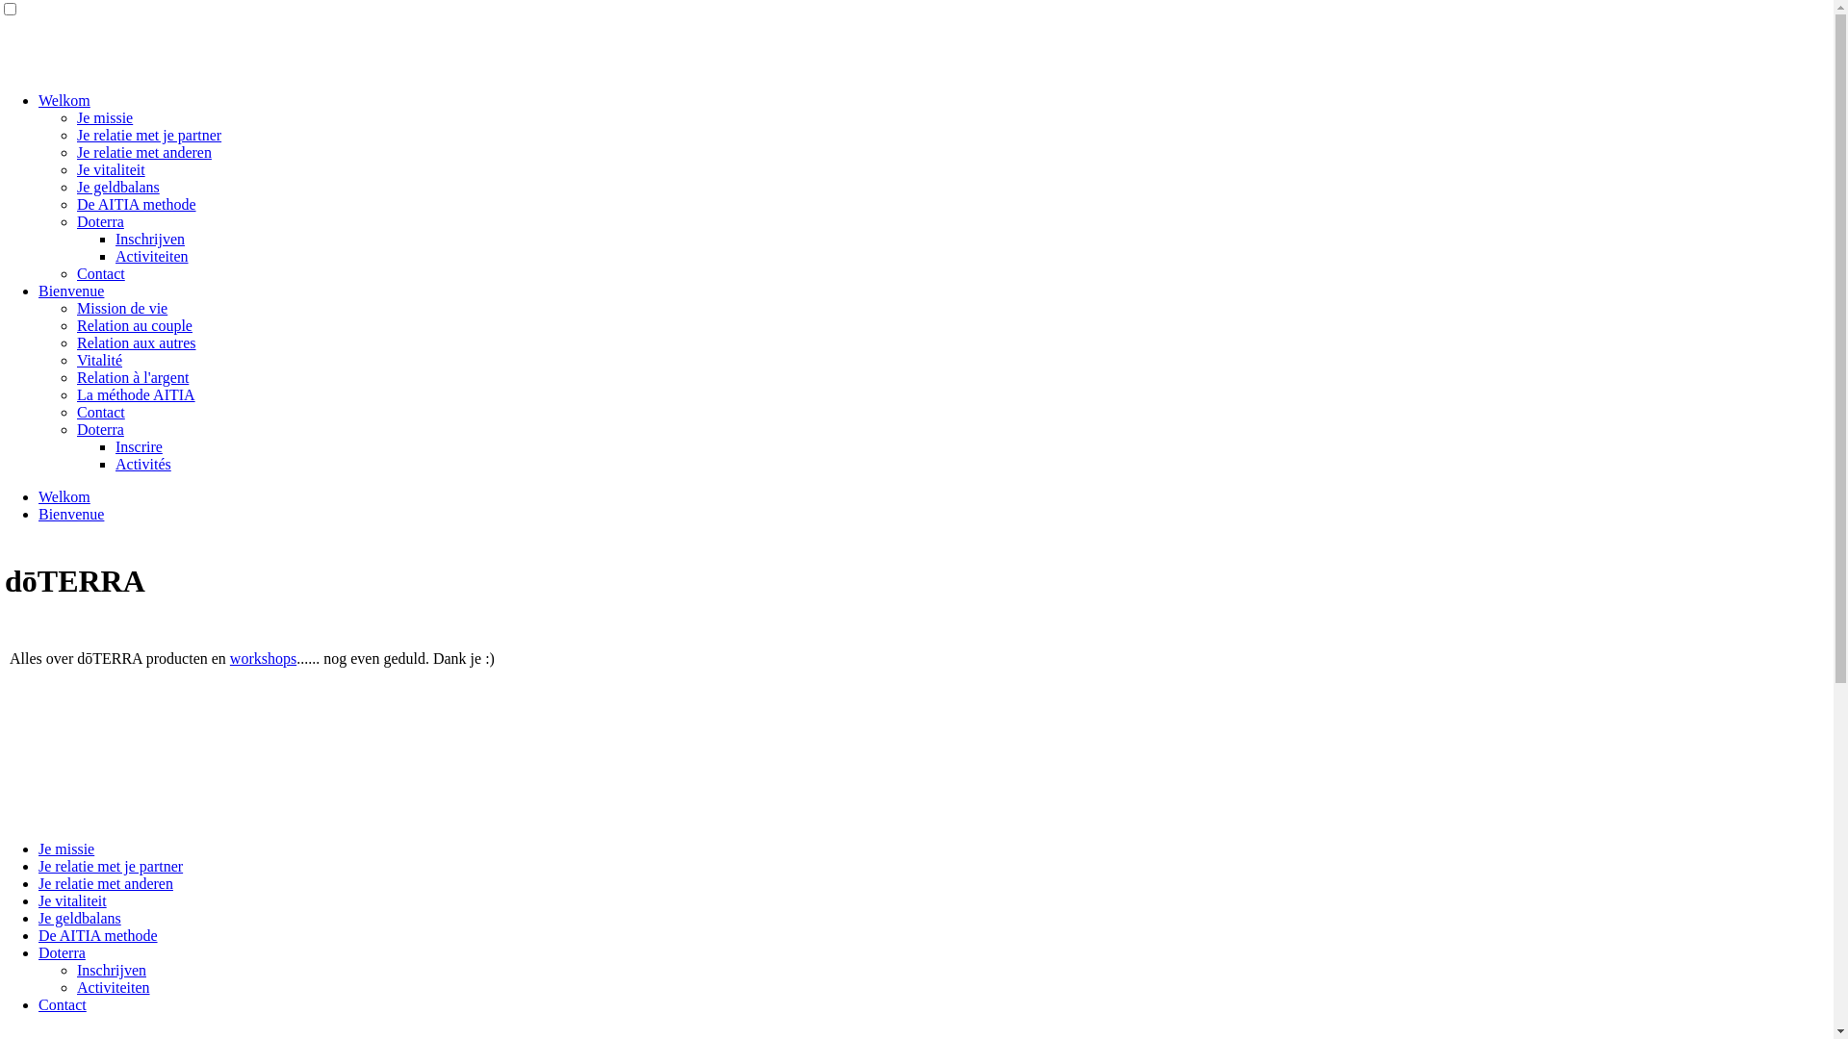 The width and height of the screenshot is (1848, 1039). What do you see at coordinates (133, 324) in the screenshot?
I see `'Relation au couple'` at bounding box center [133, 324].